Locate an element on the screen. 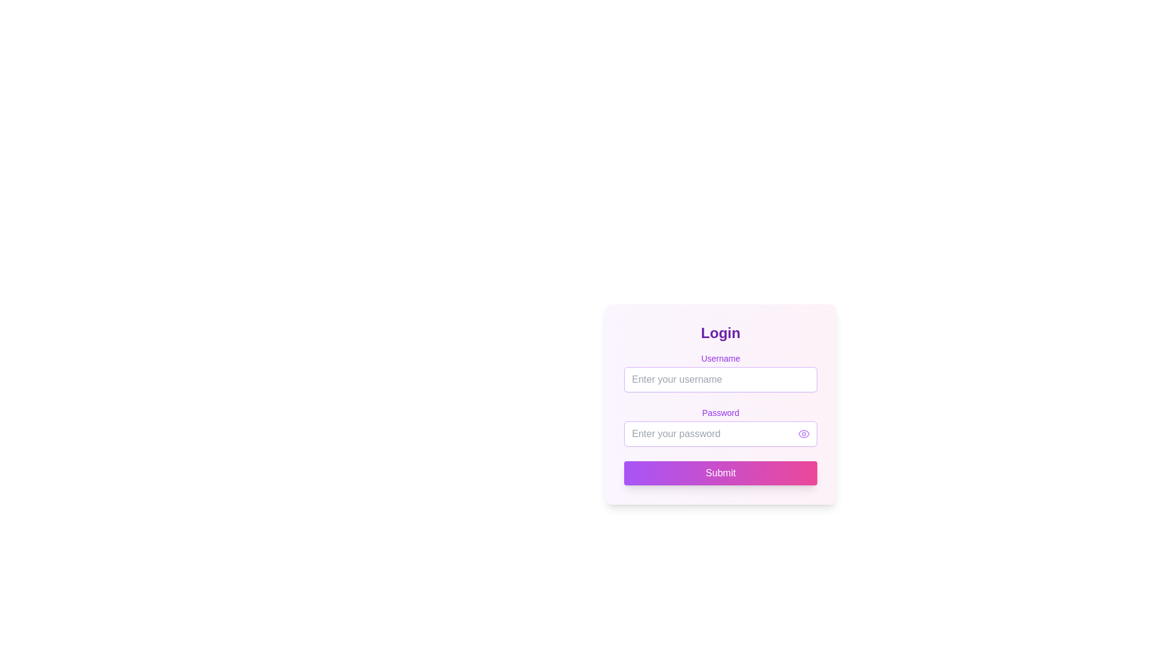 The height and width of the screenshot is (652, 1159). label above the username input field for accessibility purposes is located at coordinates (721, 358).